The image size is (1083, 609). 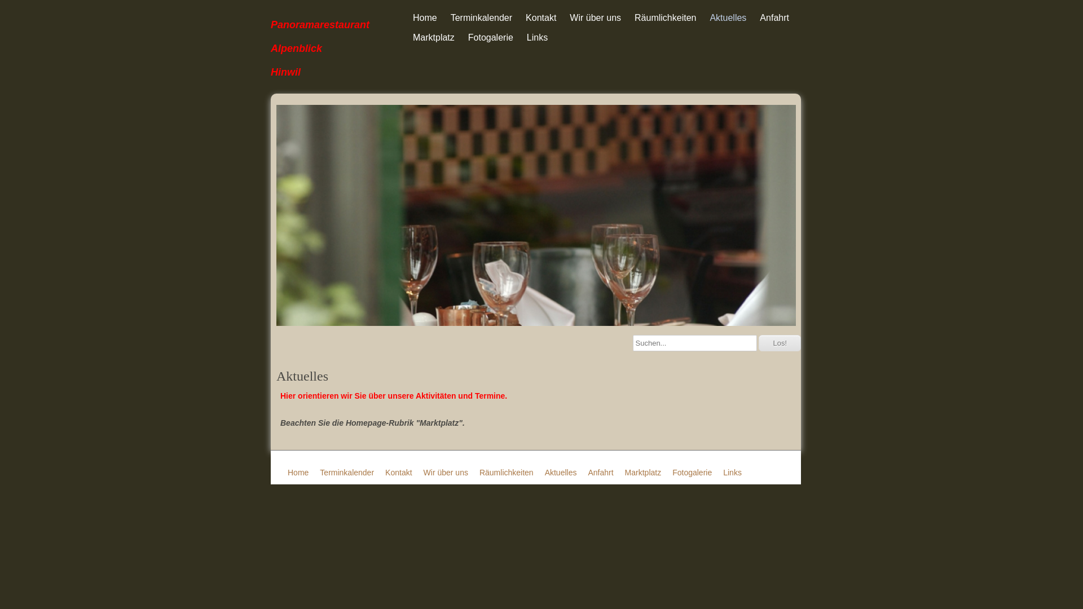 I want to click on 'Links', so click(x=521, y=37).